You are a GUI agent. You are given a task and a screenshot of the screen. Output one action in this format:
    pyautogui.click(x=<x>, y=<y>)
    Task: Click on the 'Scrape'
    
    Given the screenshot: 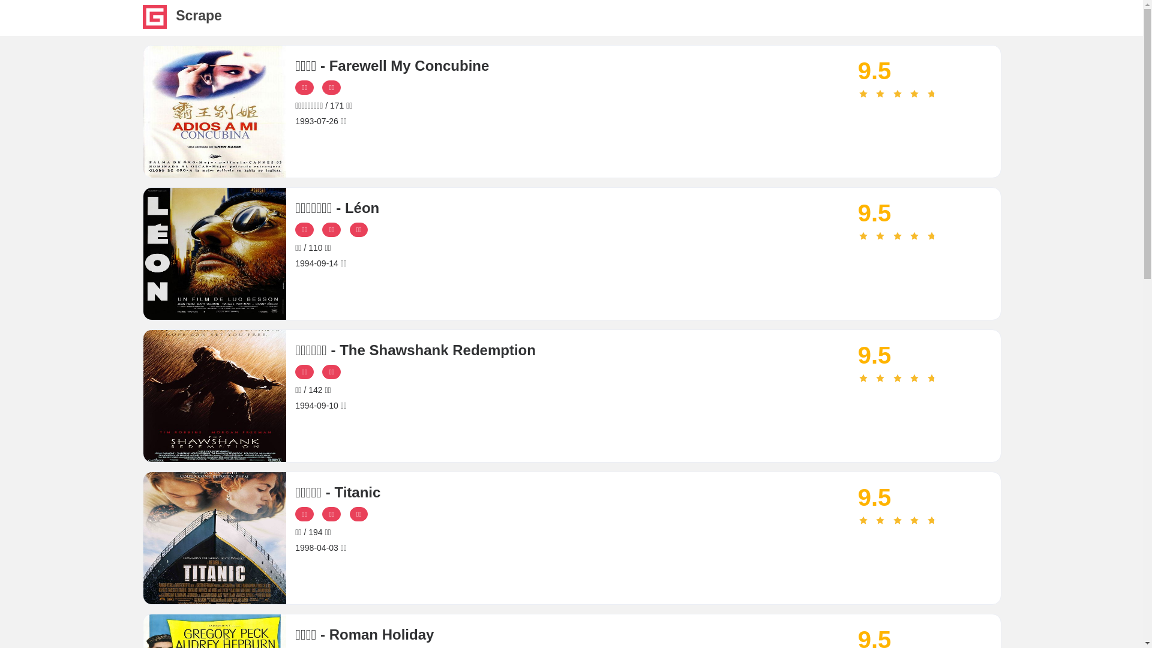 What is the action you would take?
    pyautogui.click(x=154, y=25)
    